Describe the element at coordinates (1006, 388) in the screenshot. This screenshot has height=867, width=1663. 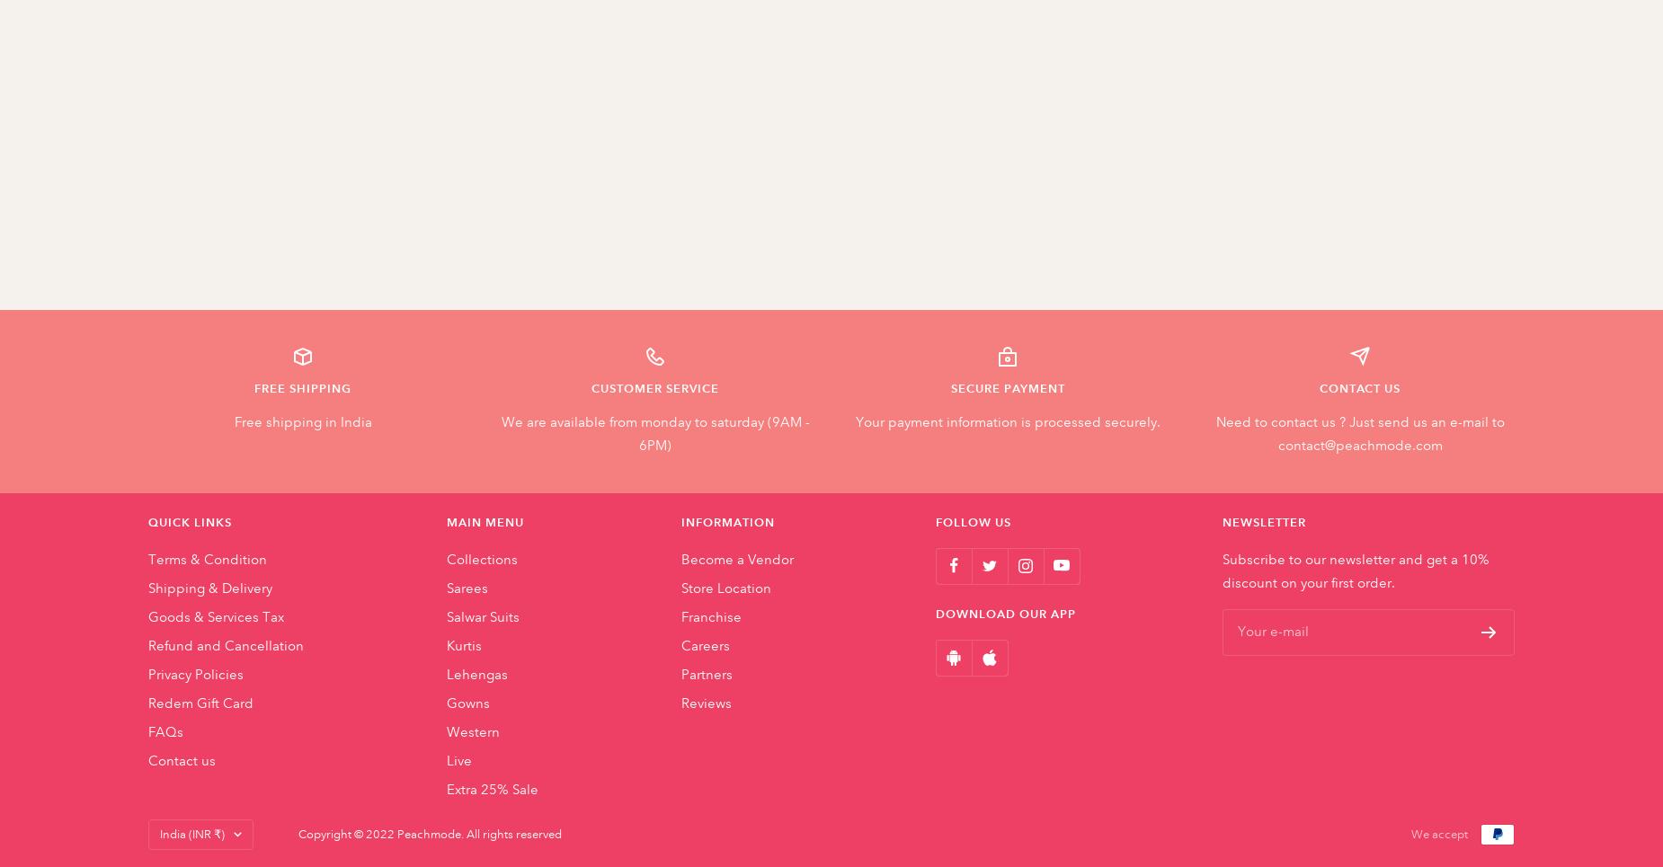
I see `'SECURE PAYMENT'` at that location.